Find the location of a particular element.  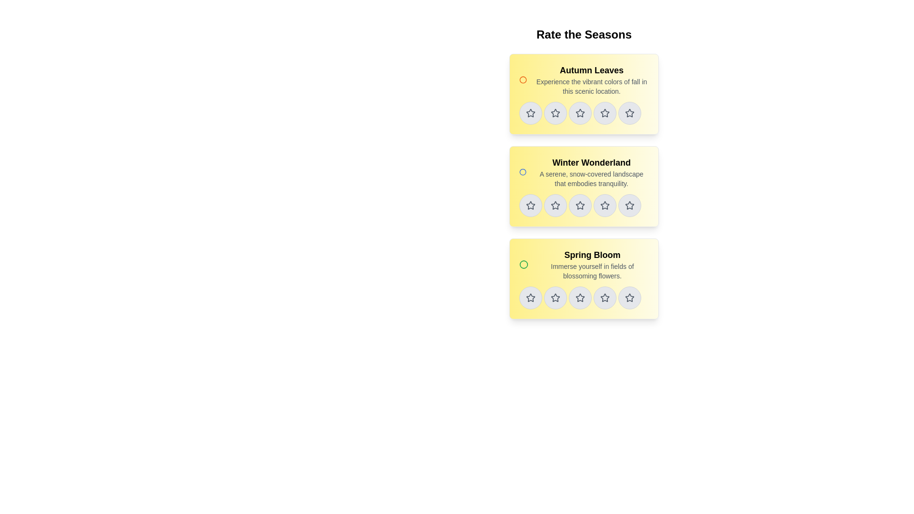

the second star icon in the rating row for the 'Winter Wonderland' section is located at coordinates (530, 205).